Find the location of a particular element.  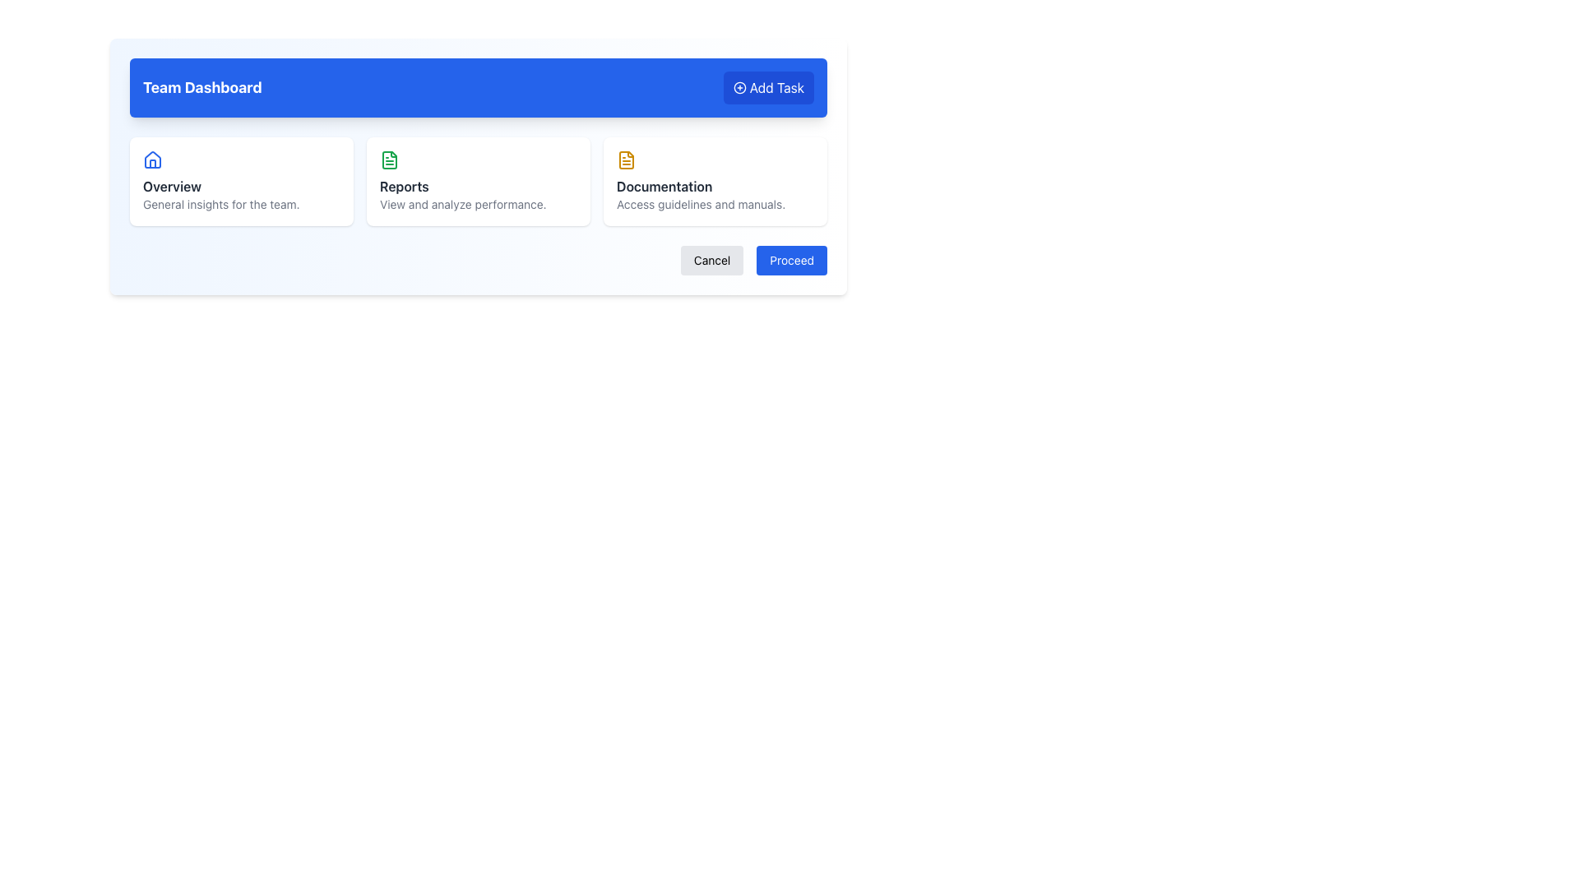

text content of the descriptive label located below the 'Reports' heading in the second card of a horizontal trio of cards is located at coordinates (462, 204).